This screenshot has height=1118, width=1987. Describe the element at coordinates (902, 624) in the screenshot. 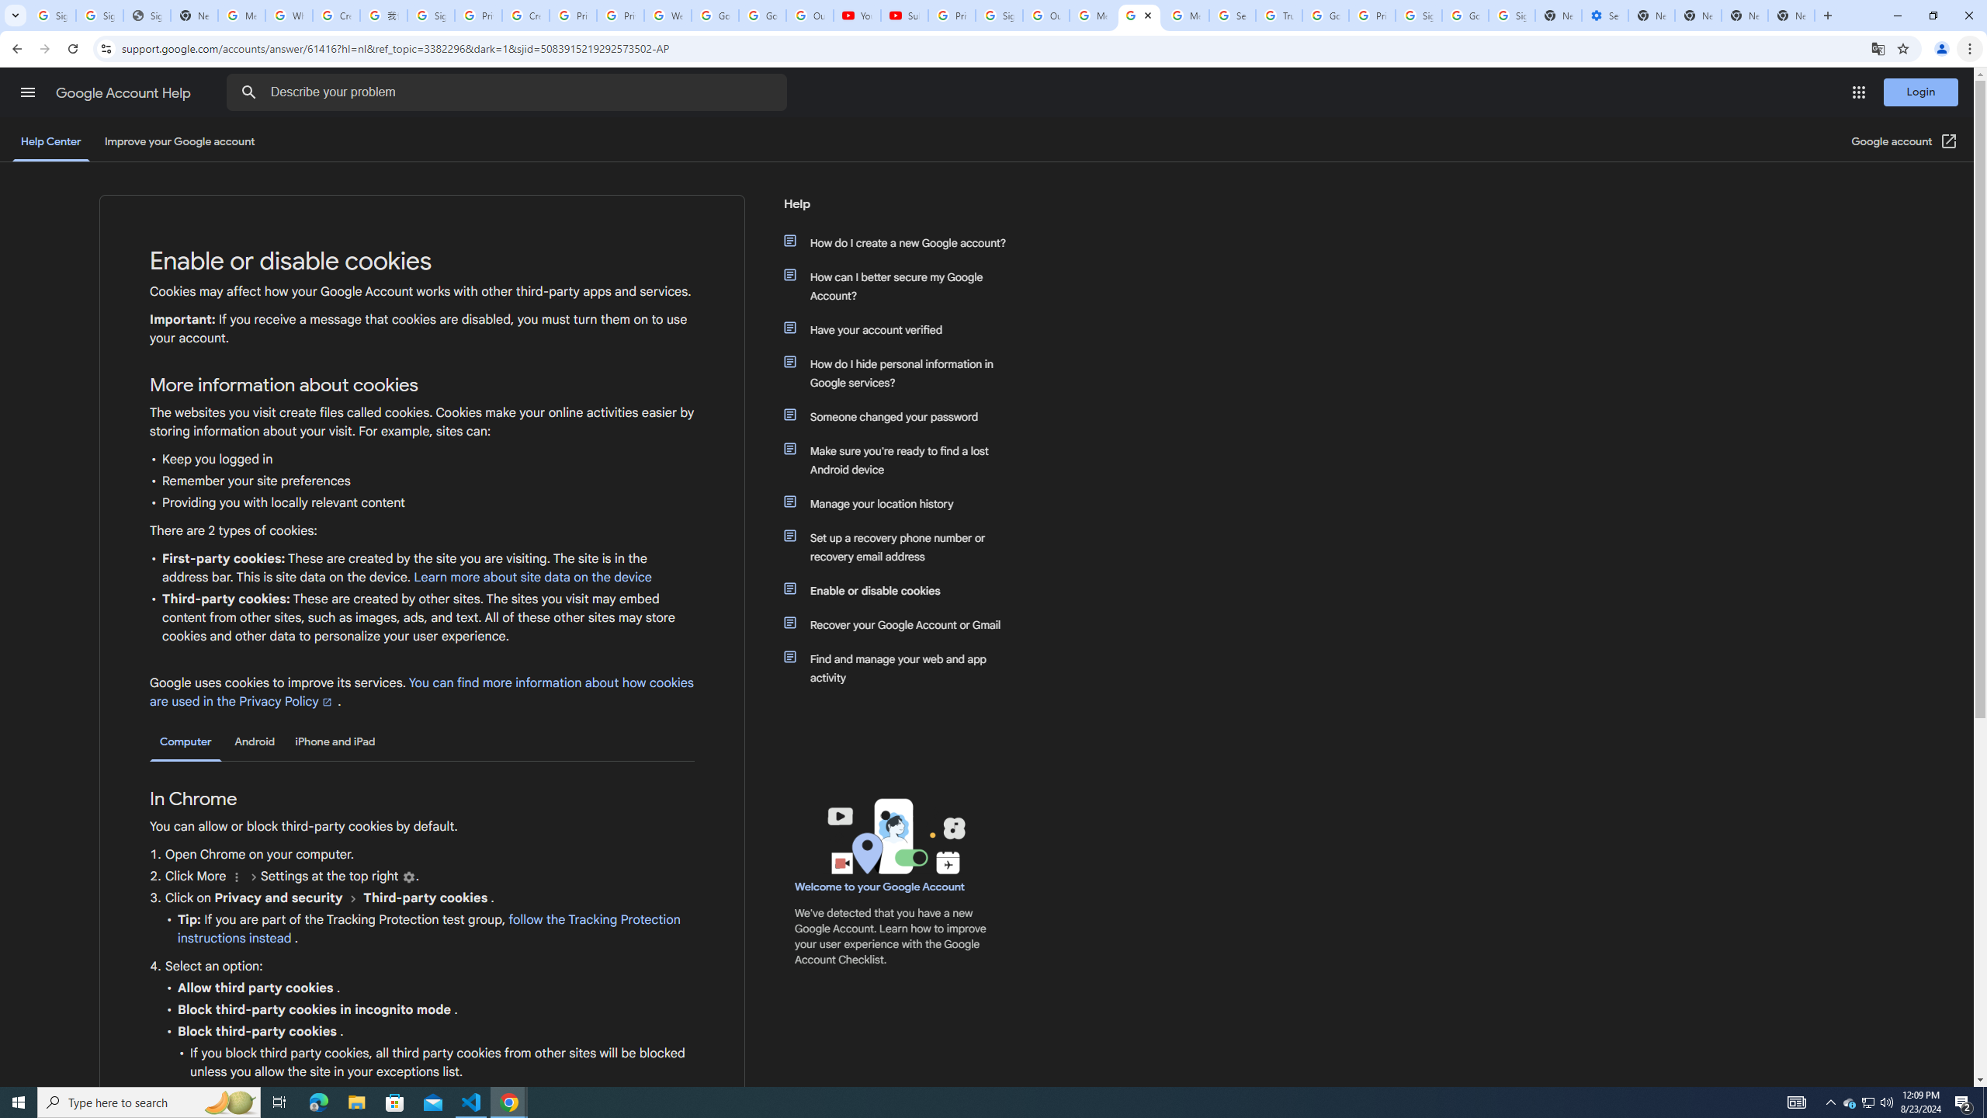

I see `'Recover your Google Account or Gmail'` at that location.